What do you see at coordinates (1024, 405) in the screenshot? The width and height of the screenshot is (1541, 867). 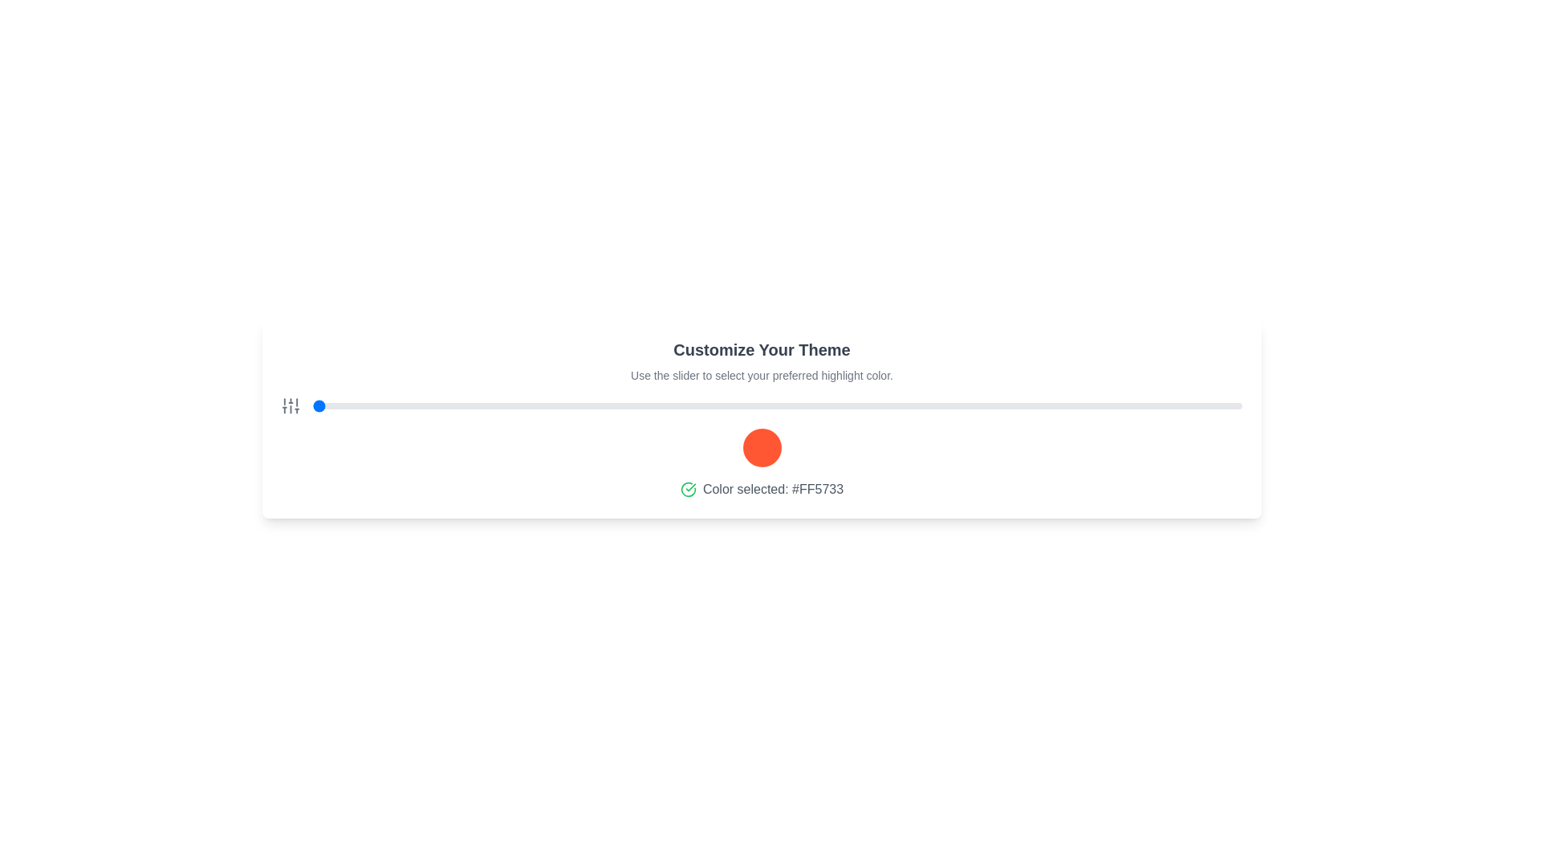 I see `the slider` at bounding box center [1024, 405].